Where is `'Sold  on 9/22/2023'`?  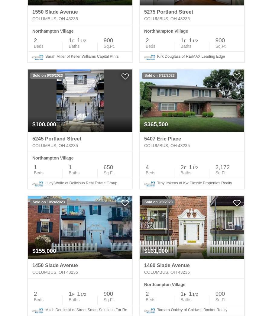
'Sold  on 9/22/2023' is located at coordinates (159, 75).